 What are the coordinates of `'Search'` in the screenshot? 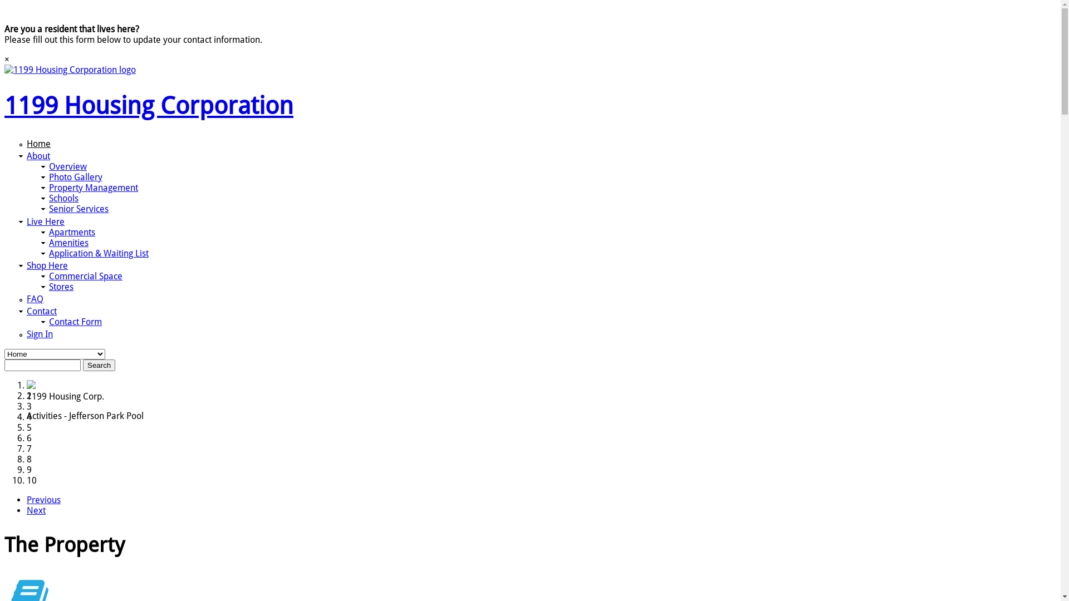 It's located at (99, 365).